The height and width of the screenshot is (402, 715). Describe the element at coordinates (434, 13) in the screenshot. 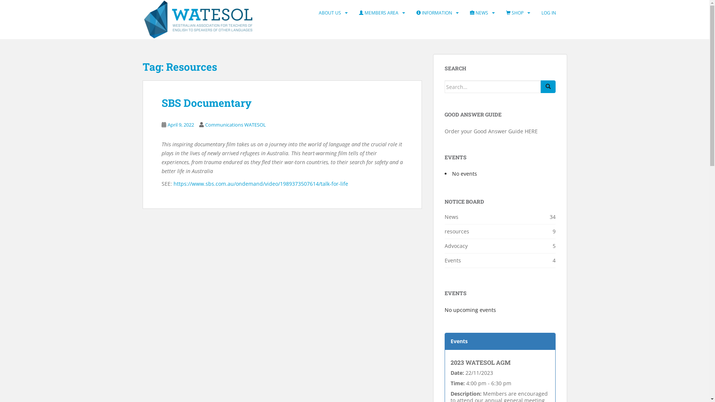

I see `'INFORMATION'` at that location.